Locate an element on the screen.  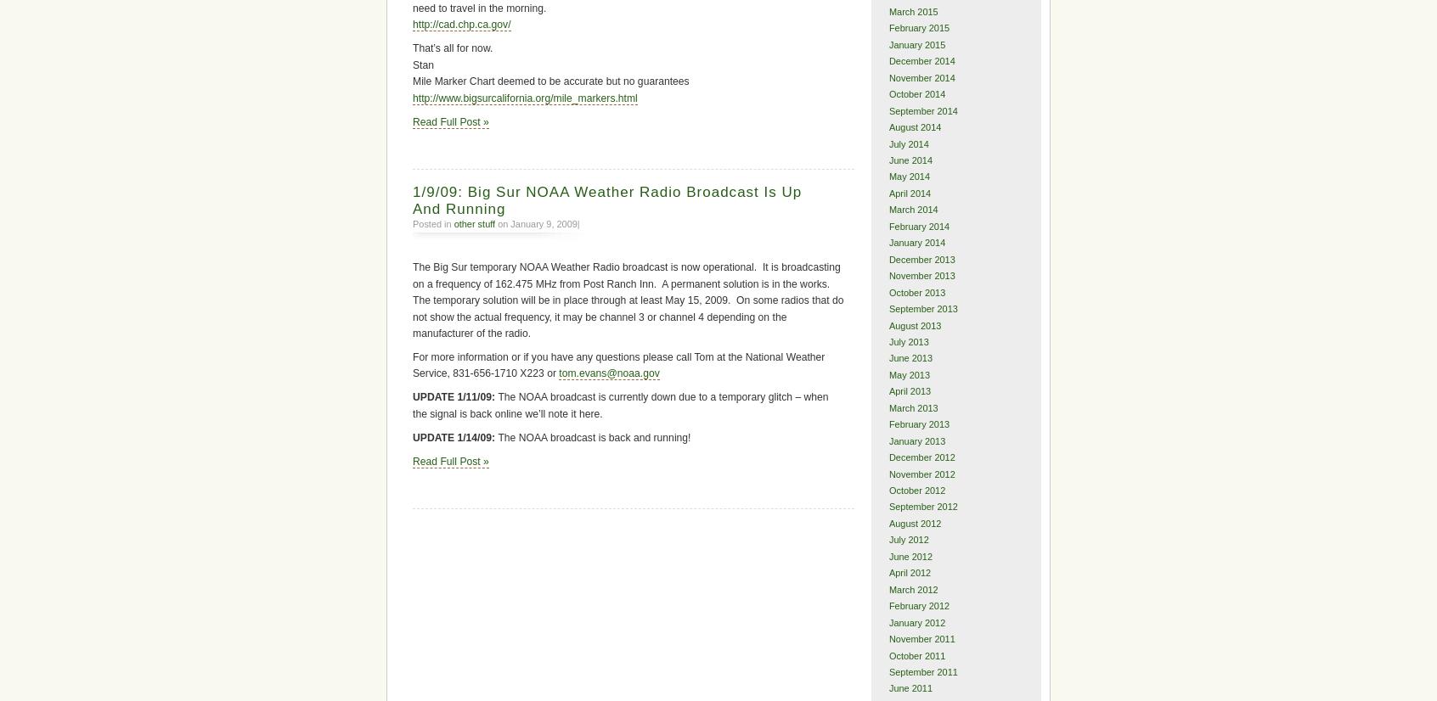
'Mile Marker Chart deemed to be accurate but no guarantees' is located at coordinates (550, 80).